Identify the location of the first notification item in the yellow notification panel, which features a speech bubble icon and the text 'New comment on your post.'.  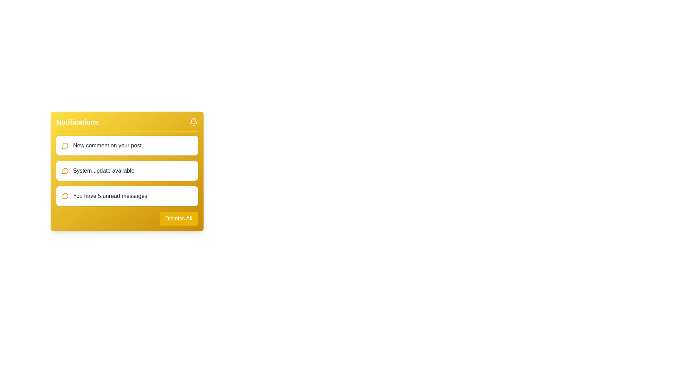
(127, 145).